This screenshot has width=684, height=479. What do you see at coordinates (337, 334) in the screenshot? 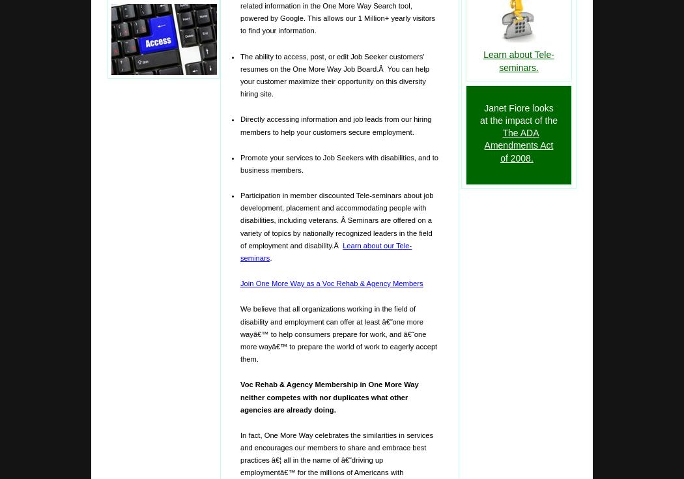
I see `'We believe that all organizations  working in the field of disability and employment can offer at least â€˜one more  wayâ€™ to help consumers prepare for work, and â€˜one more wayâ€™ to prepare the  world of work to eagerly accept them.'` at bounding box center [337, 334].